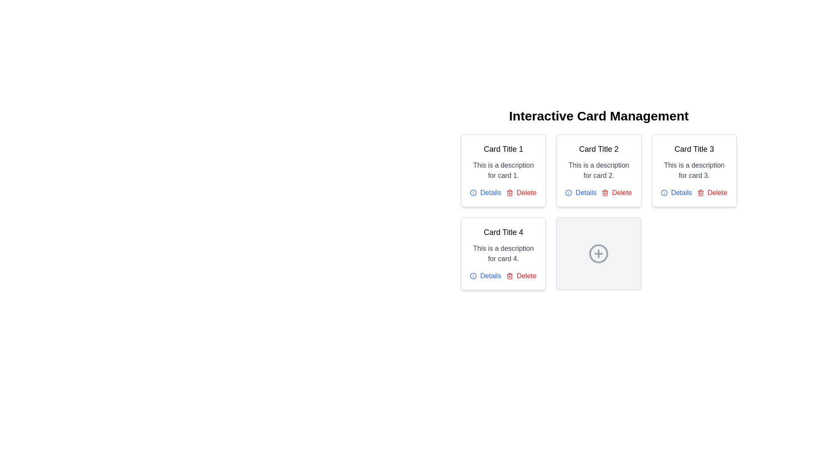 This screenshot has height=463, width=824. What do you see at coordinates (598, 170) in the screenshot?
I see `the static text element that displays 'This is a description for card 2.', located beneath 'Card Title 2' in the second card from the left in the top row of the card grid` at bounding box center [598, 170].